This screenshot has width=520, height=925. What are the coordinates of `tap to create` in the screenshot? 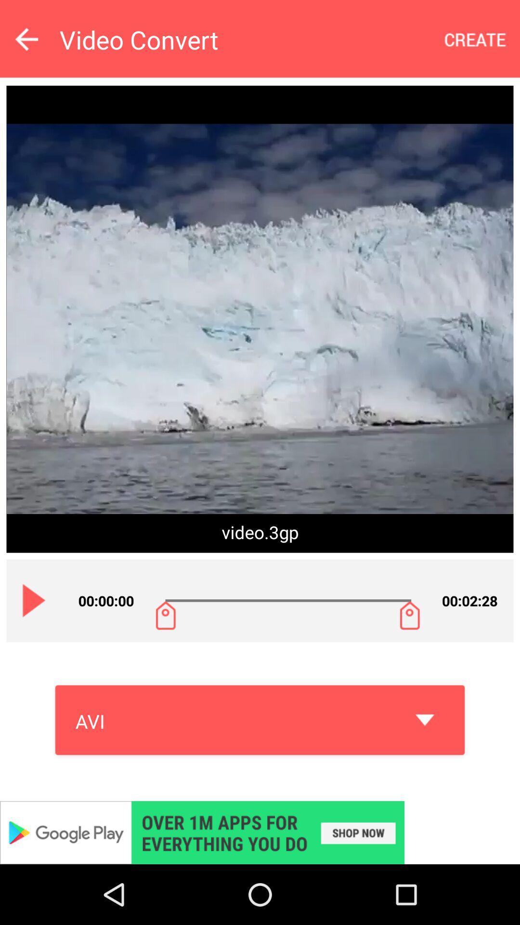 It's located at (475, 39).